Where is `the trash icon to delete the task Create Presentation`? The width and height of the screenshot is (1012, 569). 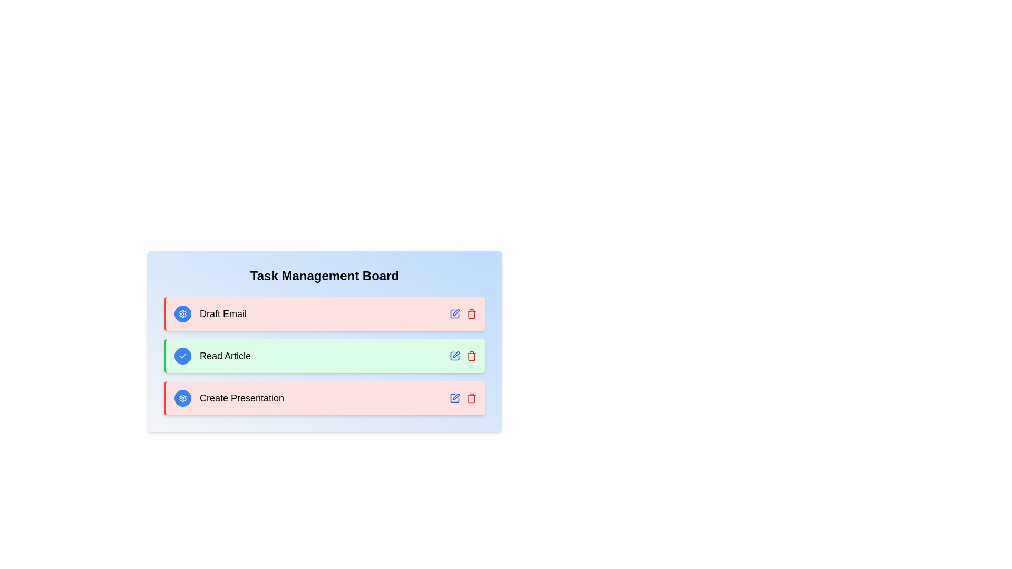 the trash icon to delete the task Create Presentation is located at coordinates (471, 398).